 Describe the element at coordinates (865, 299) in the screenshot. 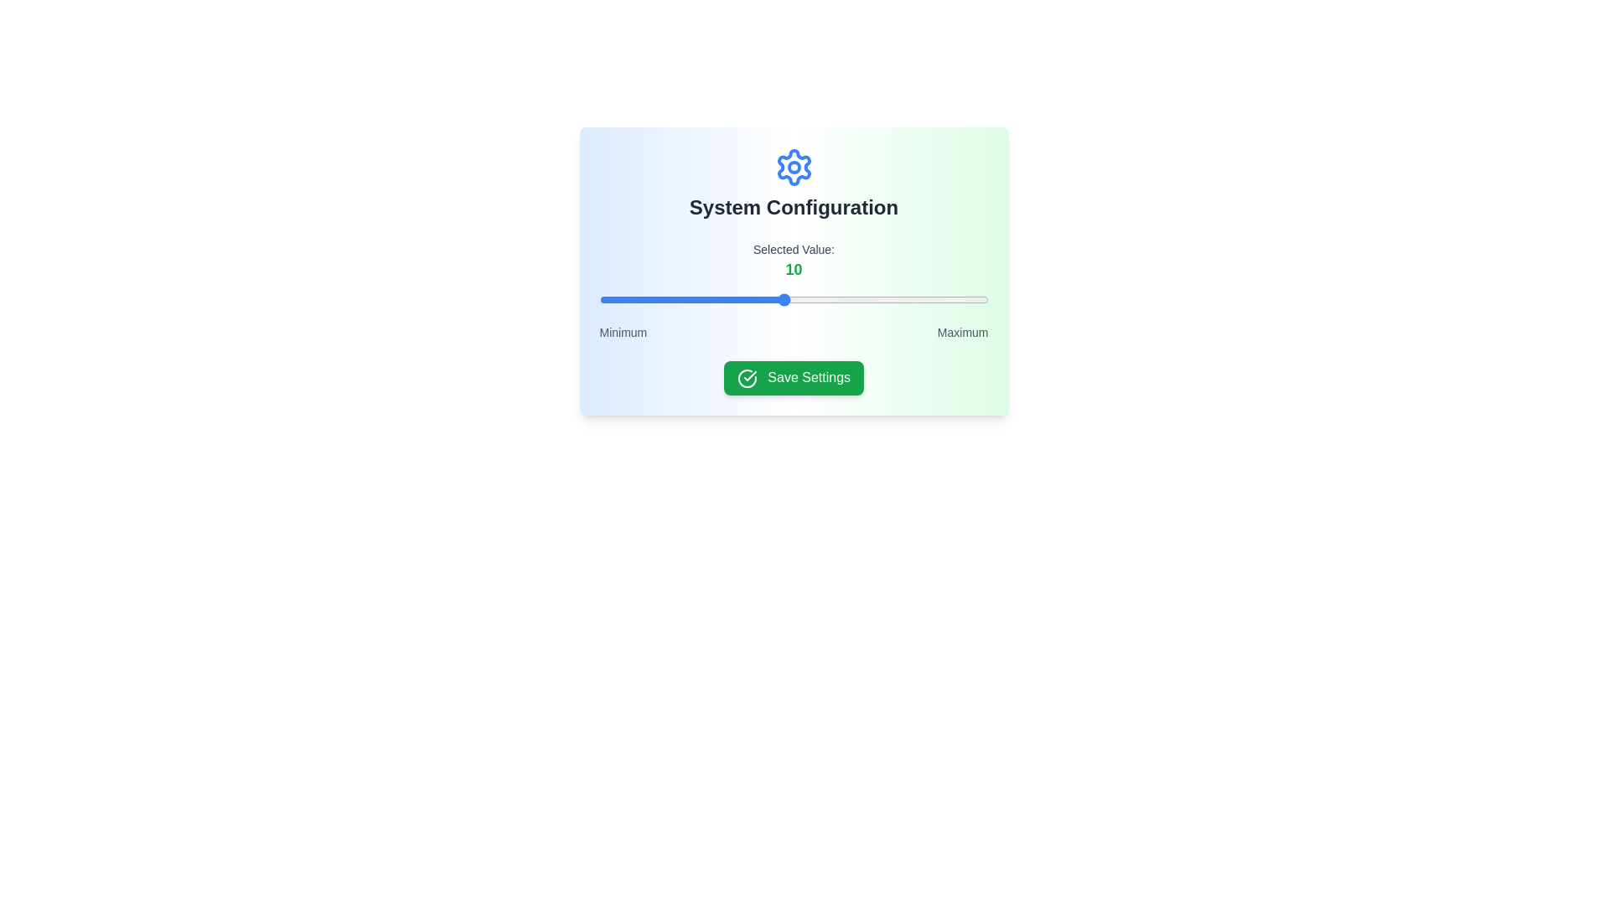

I see `the slider to set the value to 14` at that location.